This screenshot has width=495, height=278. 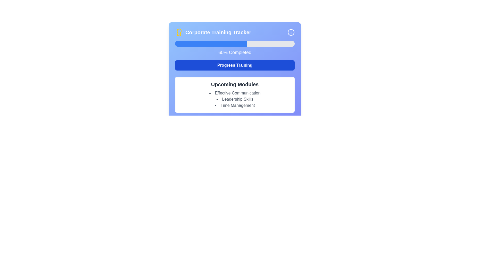 What do you see at coordinates (235, 93) in the screenshot?
I see `the text label displaying 'Effective Communication'` at bounding box center [235, 93].